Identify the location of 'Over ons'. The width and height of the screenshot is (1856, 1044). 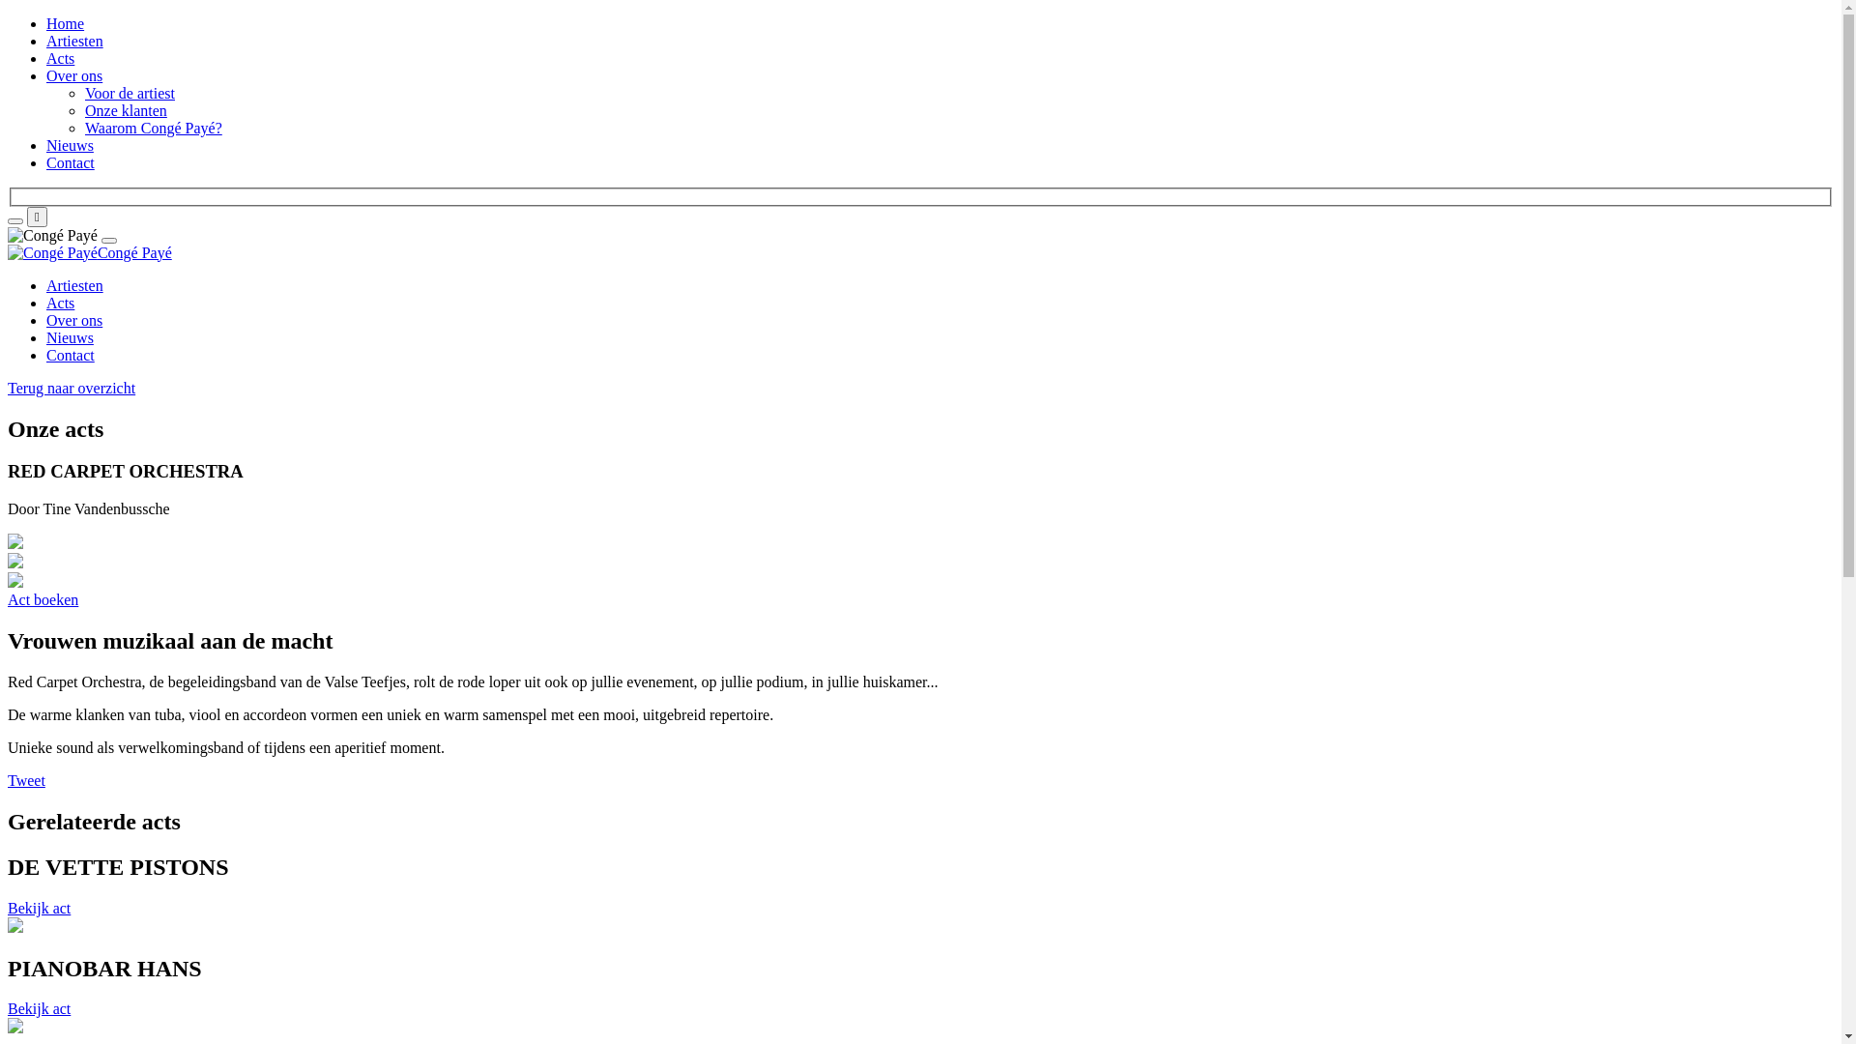
(46, 74).